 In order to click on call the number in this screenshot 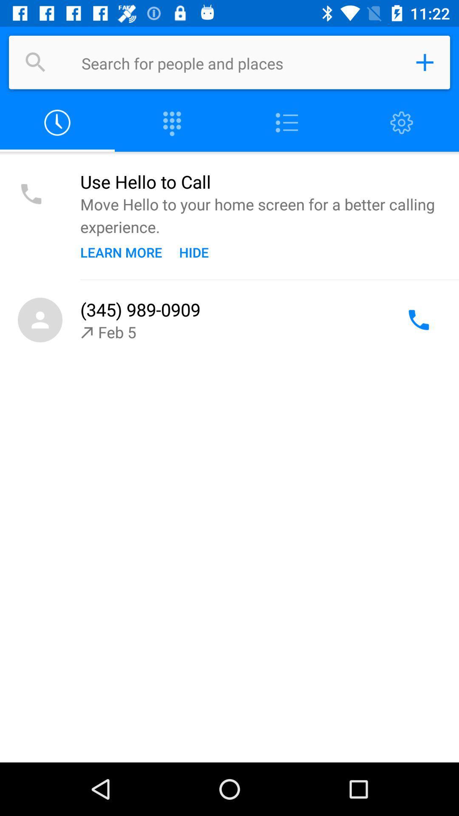, I will do `click(418, 320)`.